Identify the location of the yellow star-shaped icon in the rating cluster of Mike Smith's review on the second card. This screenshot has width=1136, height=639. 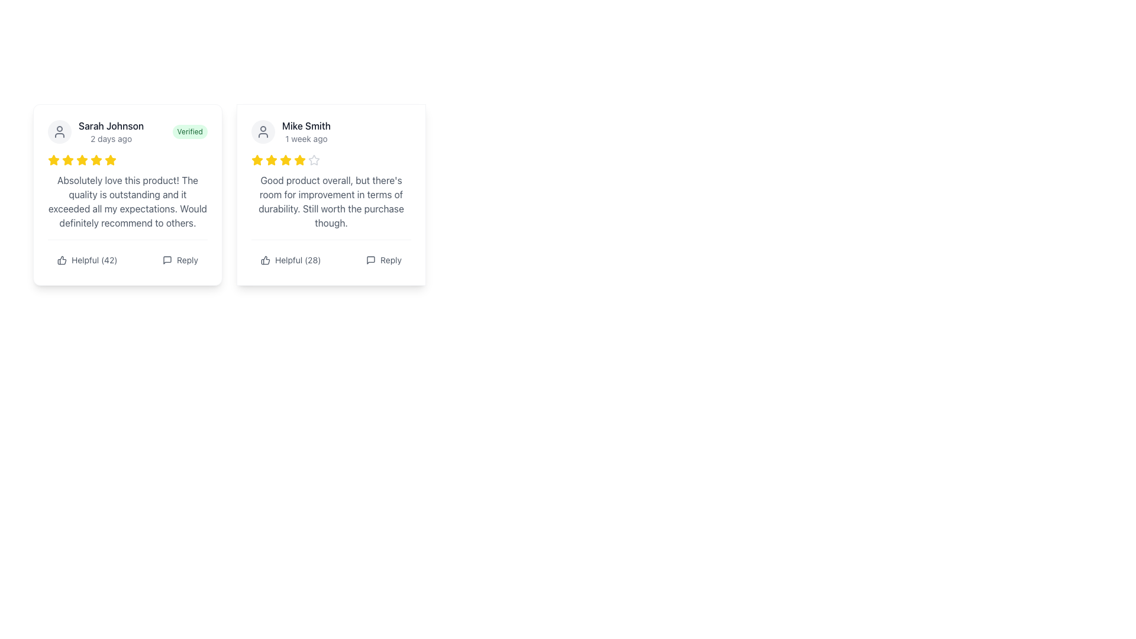
(257, 160).